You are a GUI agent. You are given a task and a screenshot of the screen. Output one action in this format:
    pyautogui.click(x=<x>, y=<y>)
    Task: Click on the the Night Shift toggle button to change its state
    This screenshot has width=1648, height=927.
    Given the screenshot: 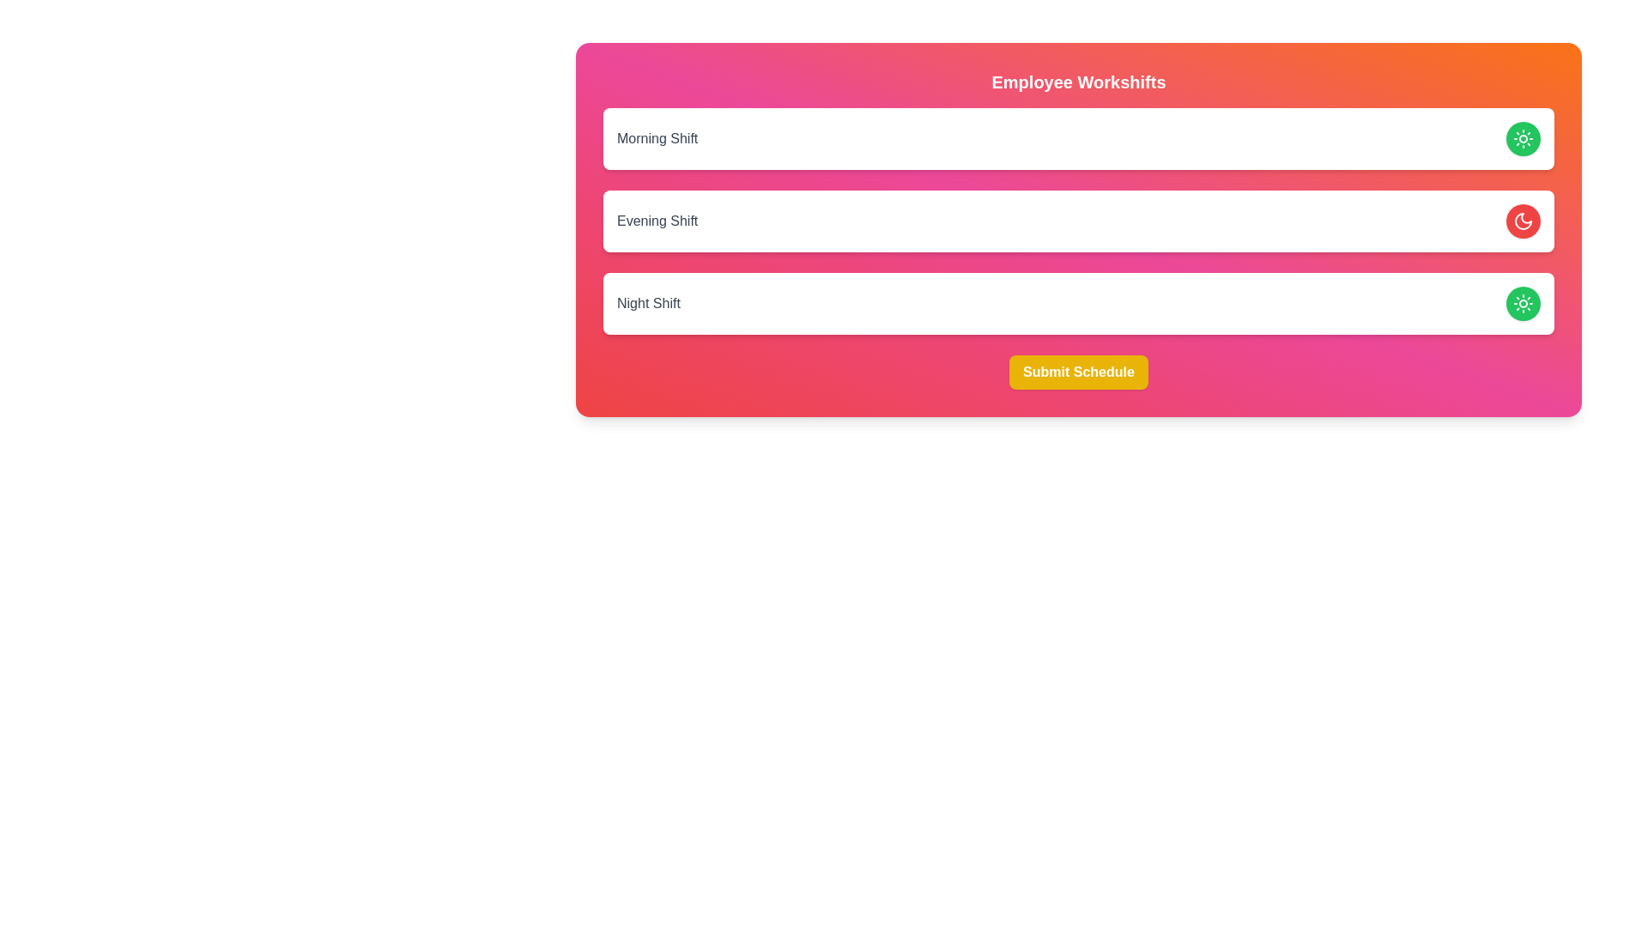 What is the action you would take?
    pyautogui.click(x=1524, y=303)
    